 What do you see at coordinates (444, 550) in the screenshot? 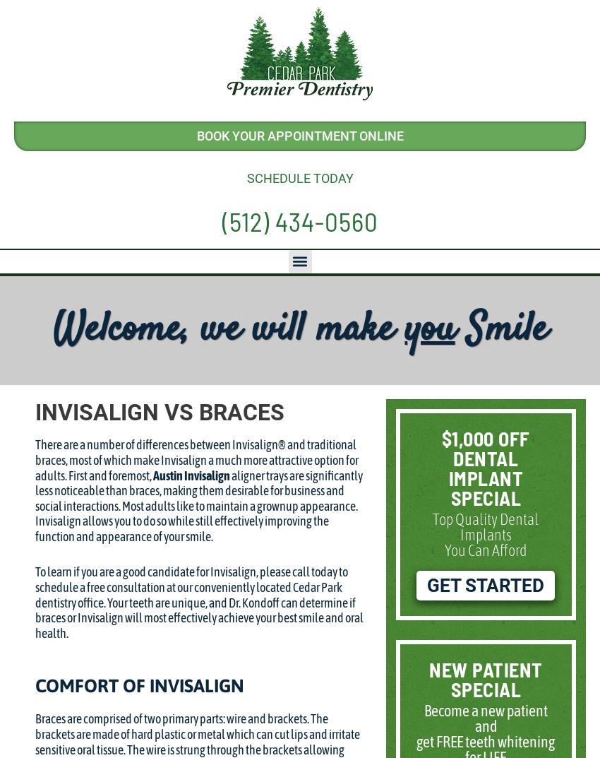
I see `'You Can Afford'` at bounding box center [444, 550].